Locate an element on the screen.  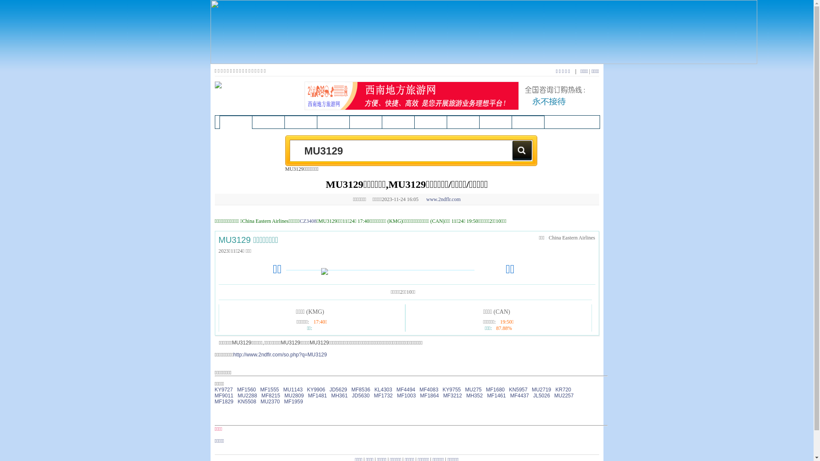
'KY9727' is located at coordinates (223, 390).